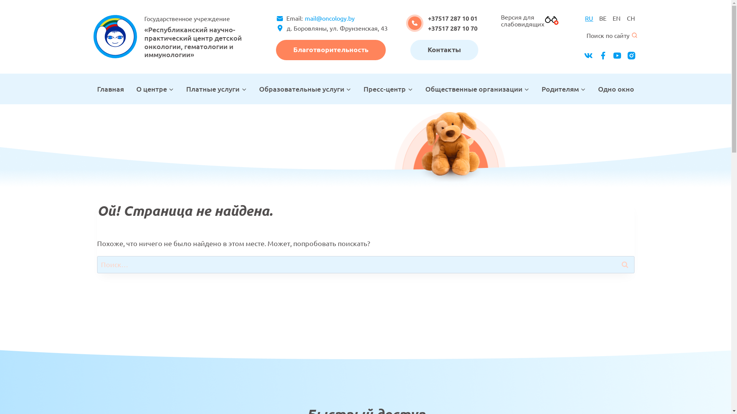 Image resolution: width=737 pixels, height=414 pixels. What do you see at coordinates (453, 18) in the screenshot?
I see `'+37517 287 10 01'` at bounding box center [453, 18].